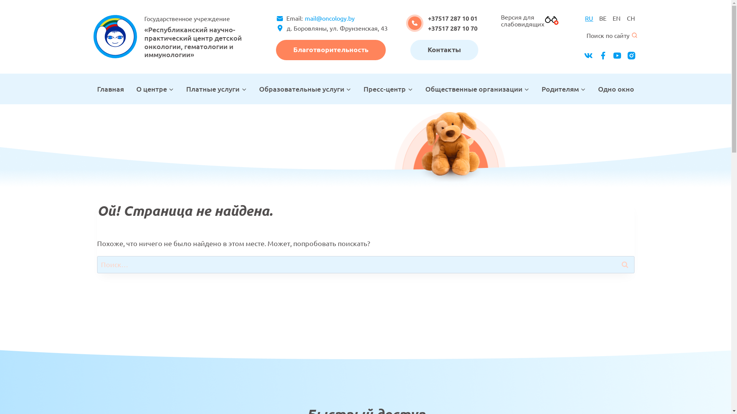 Image resolution: width=737 pixels, height=414 pixels. What do you see at coordinates (453, 18) in the screenshot?
I see `'+37517 287 10 01'` at bounding box center [453, 18].